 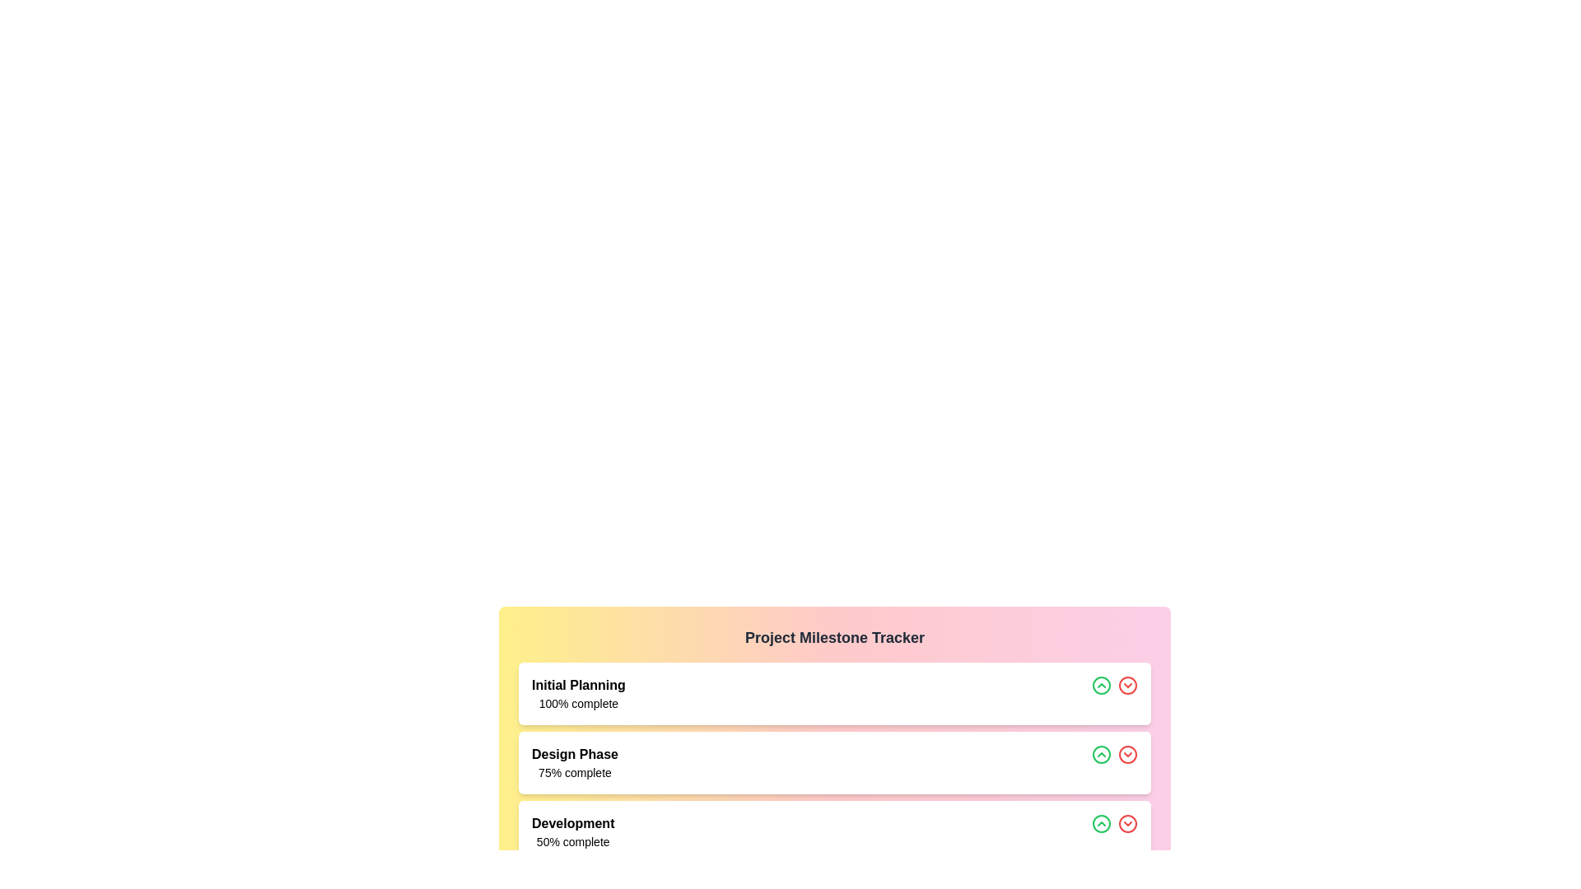 I want to click on the outer circular component of the dropdown chevron indicator in the topmost right corner of the top progress bar in the 'Project Milestone Tracker', so click(x=1126, y=686).